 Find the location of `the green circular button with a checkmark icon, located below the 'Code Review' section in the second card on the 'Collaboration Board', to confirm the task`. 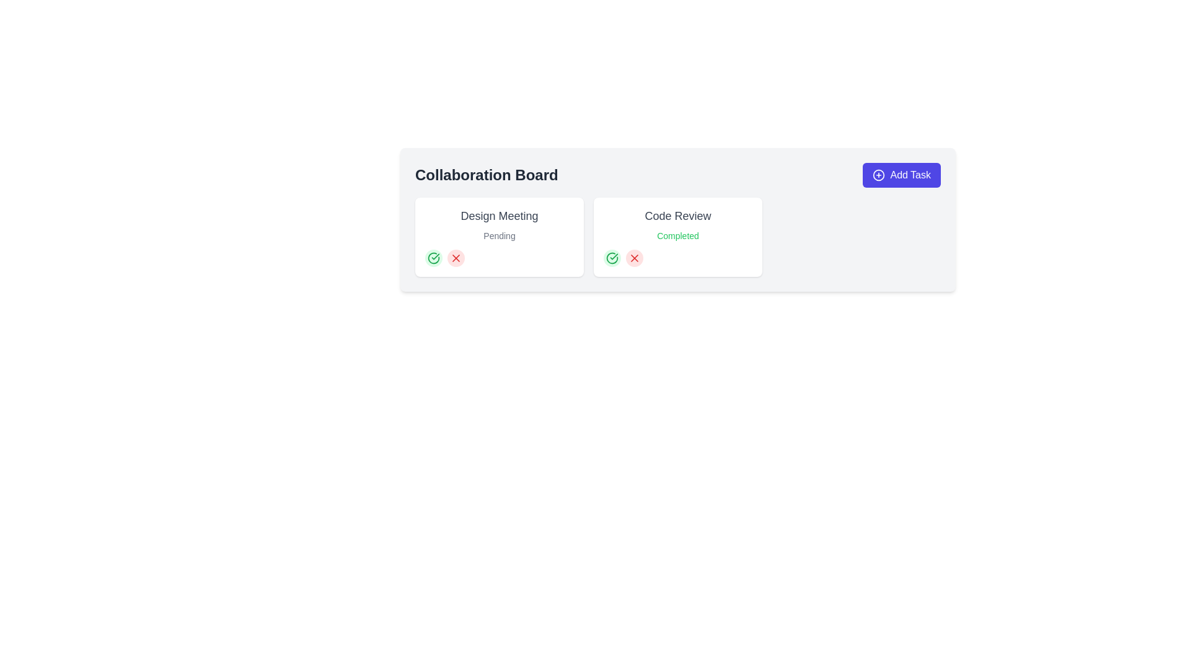

the green circular button with a checkmark icon, located below the 'Code Review' section in the second card on the 'Collaboration Board', to confirm the task is located at coordinates (612, 257).